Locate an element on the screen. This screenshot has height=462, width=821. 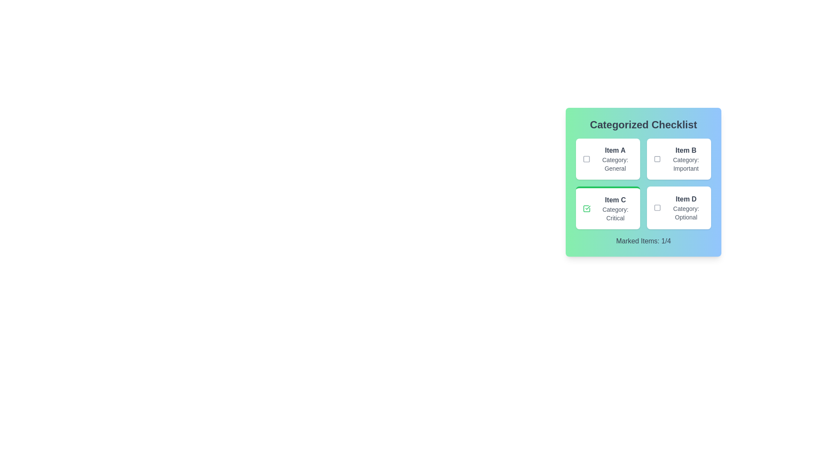
the checklist item labeled Item C to view its hover effects is located at coordinates (607, 208).